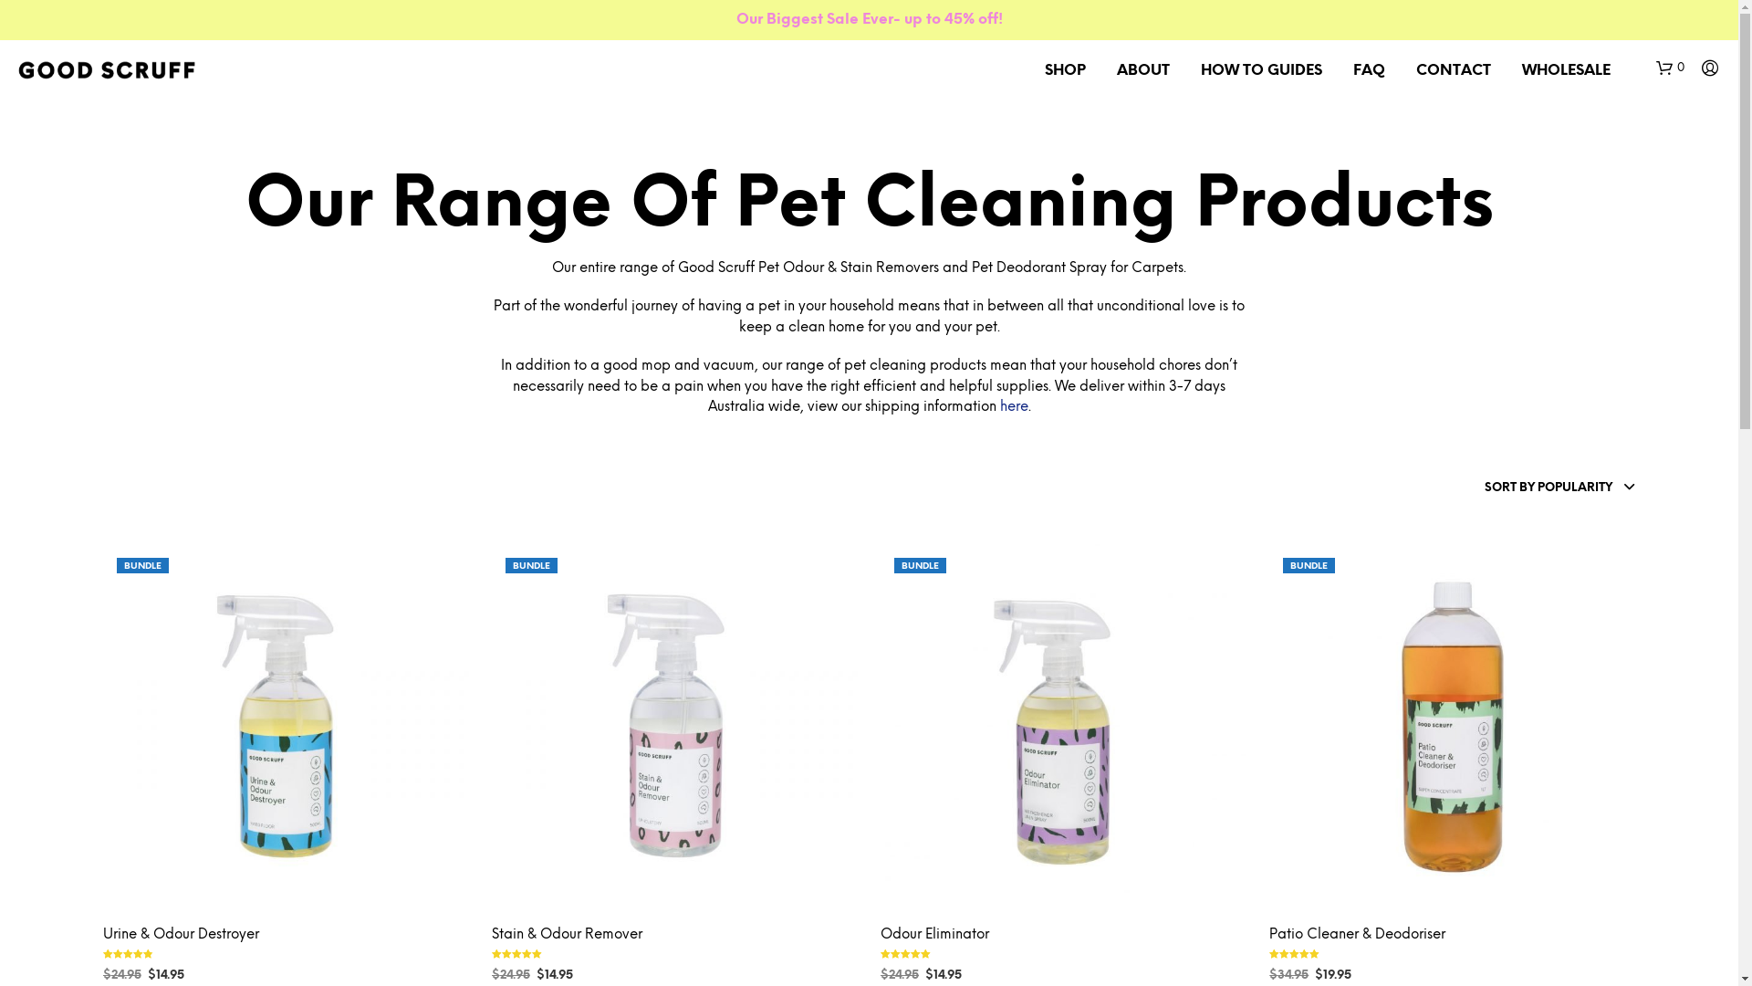 This screenshot has width=1752, height=986. Describe the element at coordinates (566, 935) in the screenshot. I see `'Stain & Odour Remover'` at that location.